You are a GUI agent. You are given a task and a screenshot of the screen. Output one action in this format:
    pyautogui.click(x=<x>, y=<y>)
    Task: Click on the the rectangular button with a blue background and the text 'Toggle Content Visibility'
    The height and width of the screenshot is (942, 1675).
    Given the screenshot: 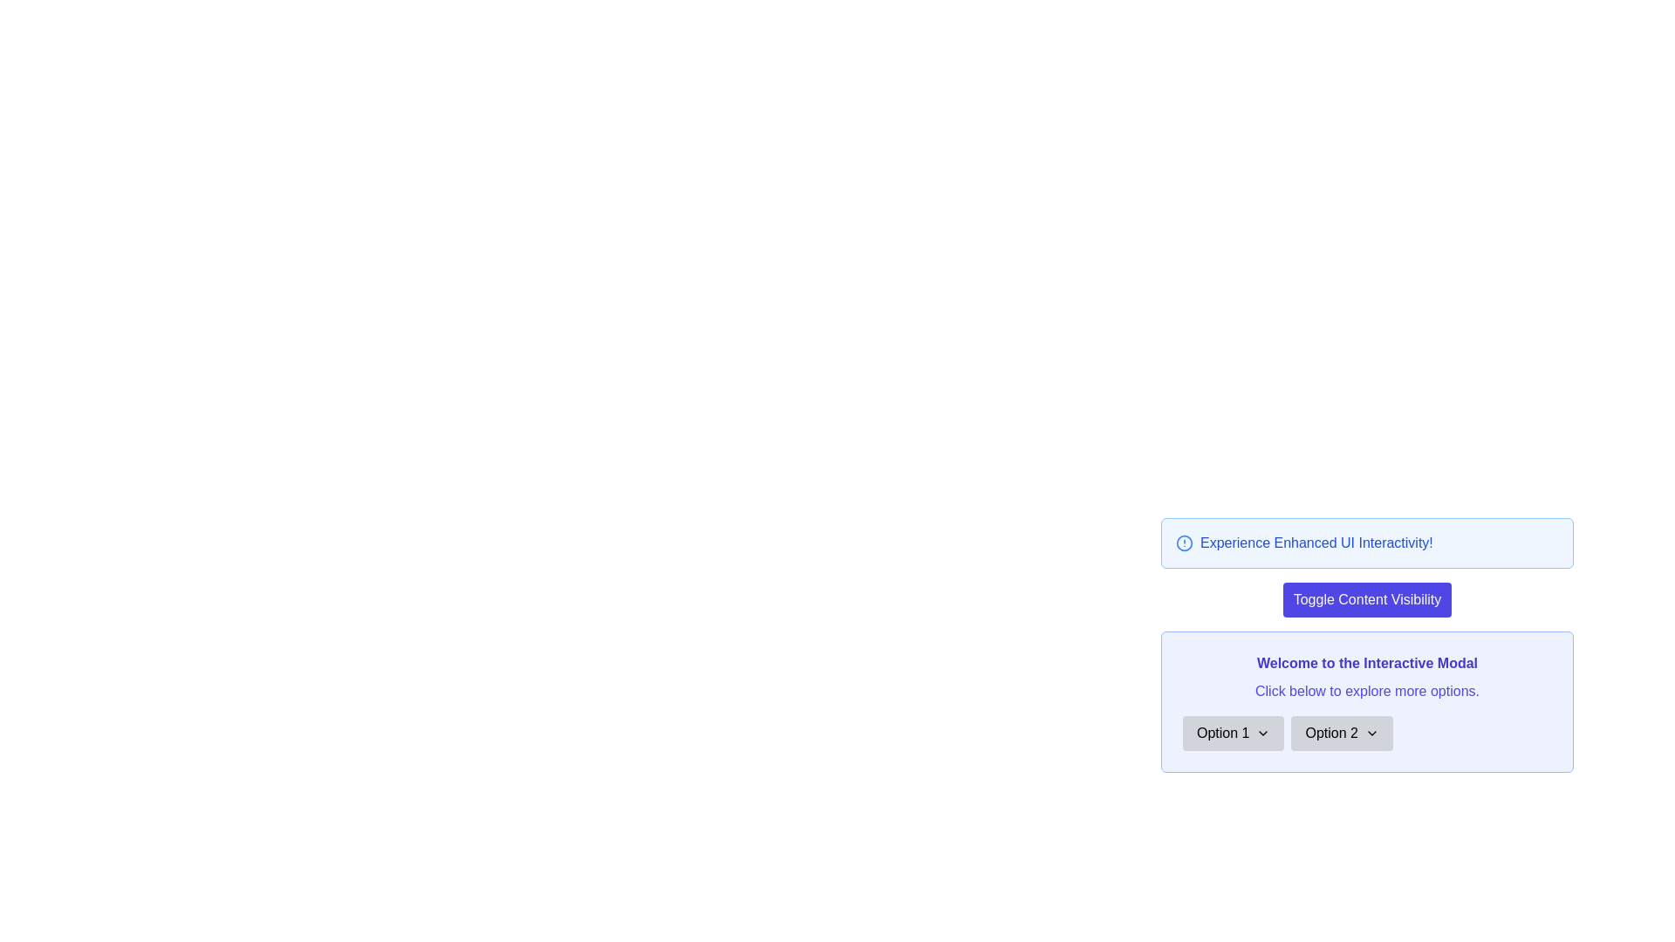 What is the action you would take?
    pyautogui.click(x=1366, y=598)
    